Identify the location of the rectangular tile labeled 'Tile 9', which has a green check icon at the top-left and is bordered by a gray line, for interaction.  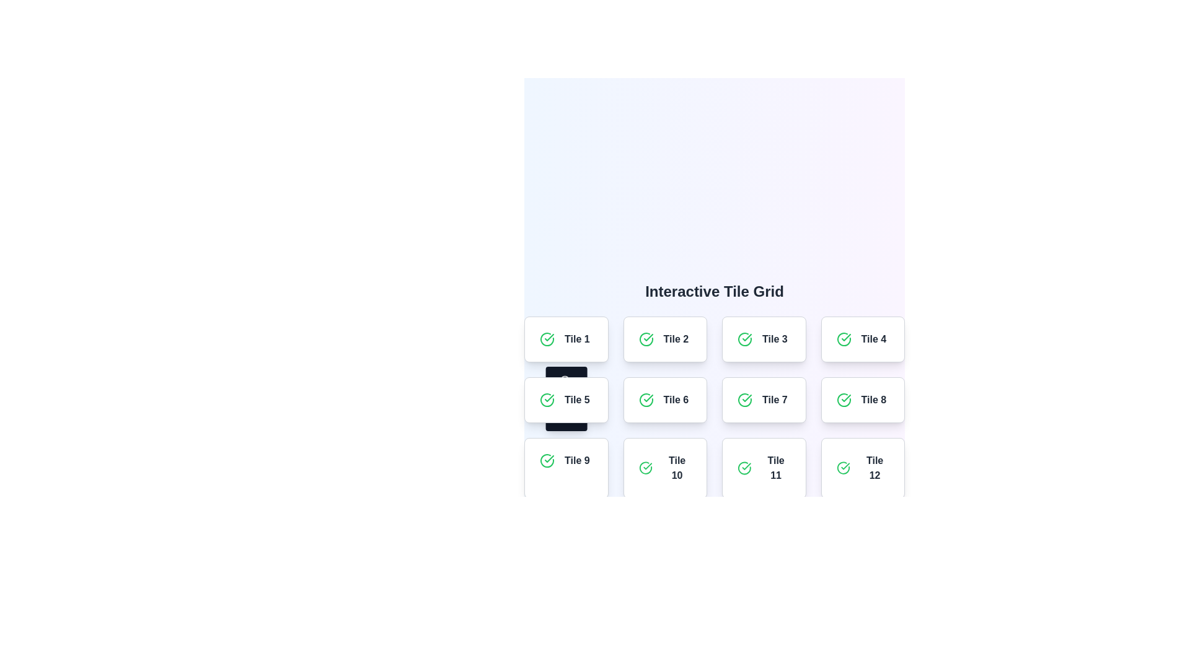
(565, 468).